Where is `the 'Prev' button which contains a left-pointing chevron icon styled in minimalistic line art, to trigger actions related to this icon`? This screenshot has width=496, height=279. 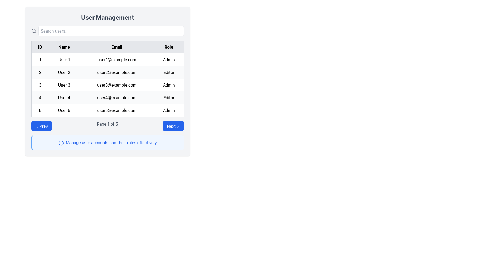
the 'Prev' button which contains a left-pointing chevron icon styled in minimalistic line art, to trigger actions related to this icon is located at coordinates (37, 126).